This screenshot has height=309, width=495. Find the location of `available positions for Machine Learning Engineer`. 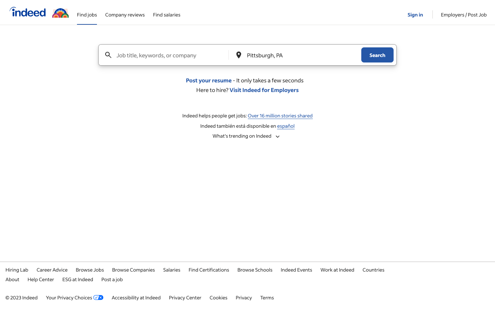

available positions for Machine Learning Engineer is located at coordinates (171, 55).